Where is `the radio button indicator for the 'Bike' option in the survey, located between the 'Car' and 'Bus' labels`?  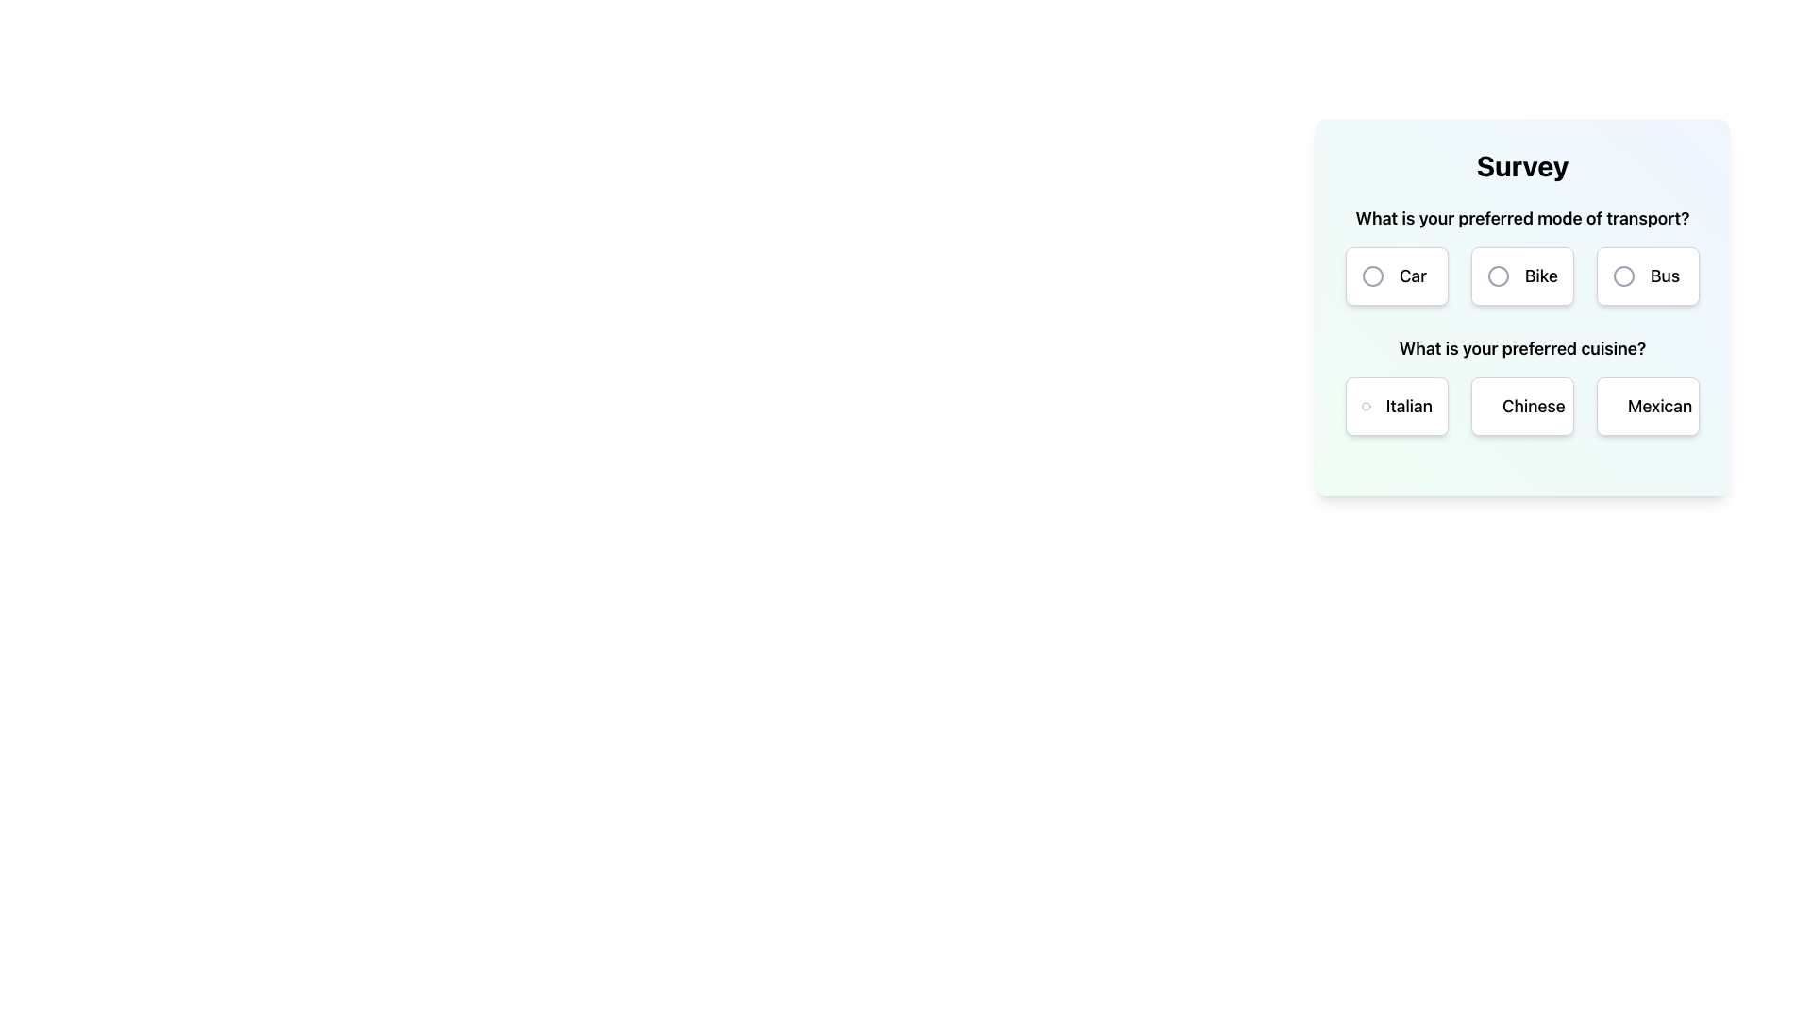
the radio button indicator for the 'Bike' option in the survey, located between the 'Car' and 'Bus' labels is located at coordinates (1498, 276).